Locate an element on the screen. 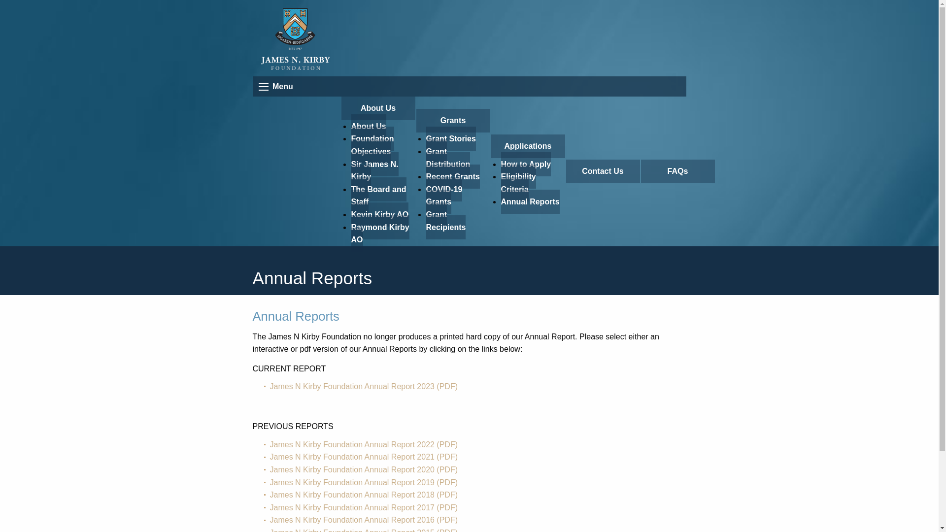 This screenshot has height=532, width=946. 'James N Kirby Foundation Annual Report 2017 (PDF)' is located at coordinates (364, 507).